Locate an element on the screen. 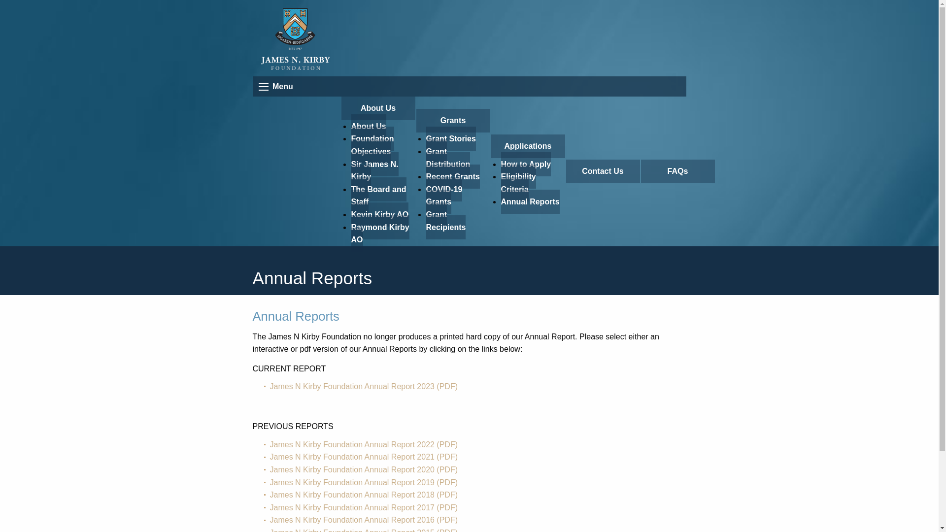 This screenshot has height=532, width=946. 'James N Kirby Foundation Annual Report 2017 (PDF)' is located at coordinates (364, 507).